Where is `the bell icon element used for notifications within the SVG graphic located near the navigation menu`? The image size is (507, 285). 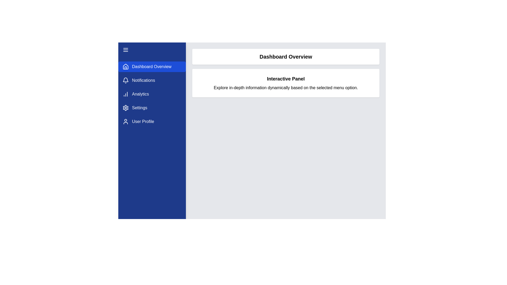 the bell icon element used for notifications within the SVG graphic located near the navigation menu is located at coordinates (125, 80).